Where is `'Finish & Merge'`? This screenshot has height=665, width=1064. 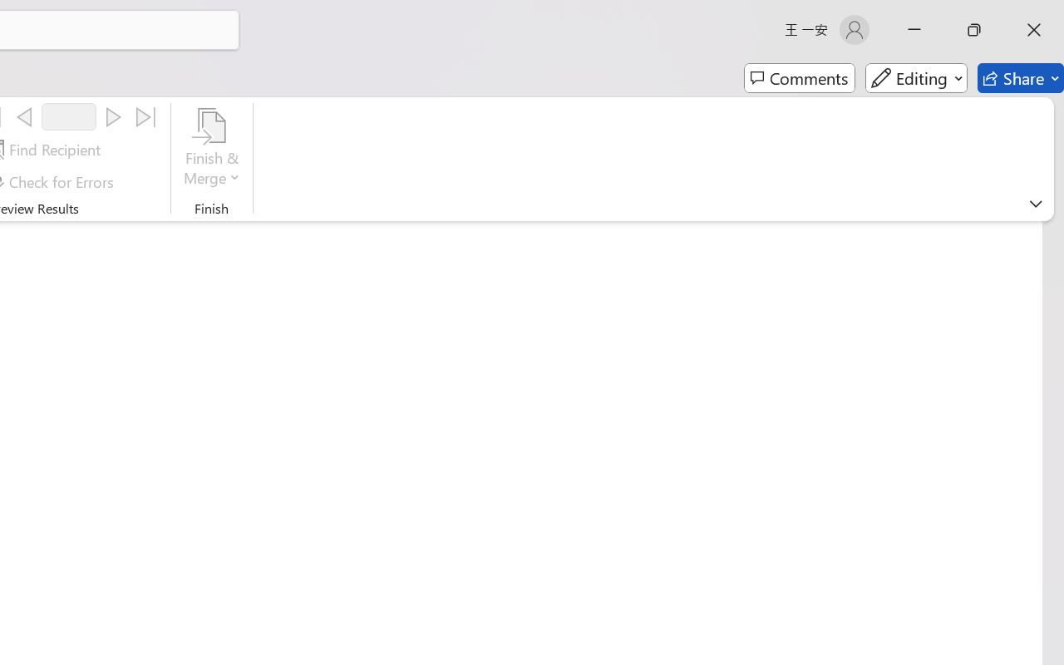 'Finish & Merge' is located at coordinates (211, 149).